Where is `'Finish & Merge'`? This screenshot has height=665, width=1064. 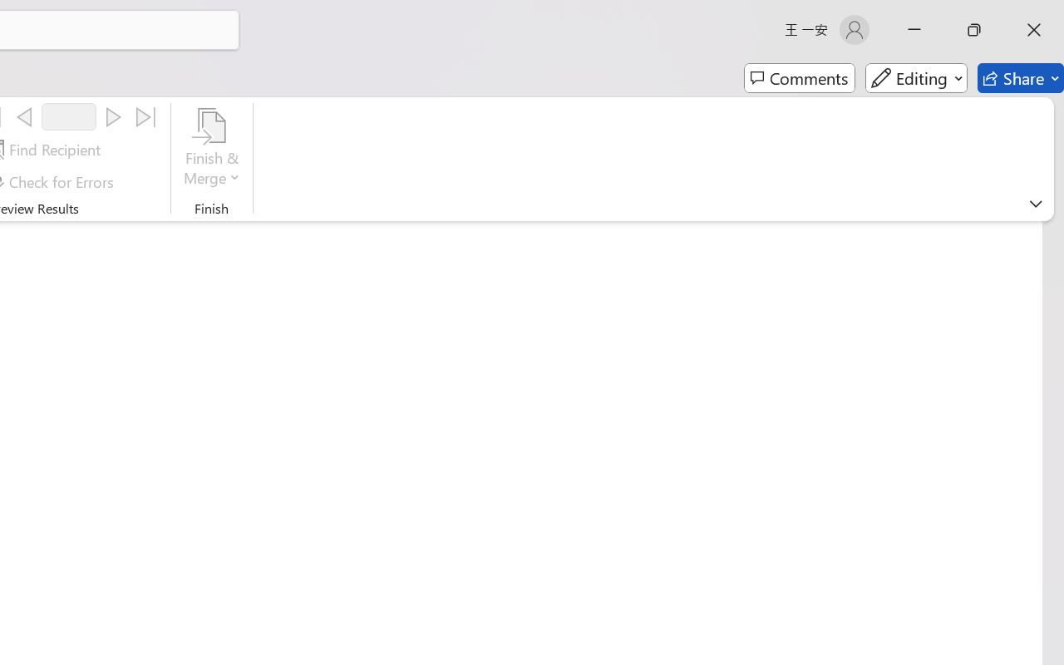 'Finish & Merge' is located at coordinates (211, 149).